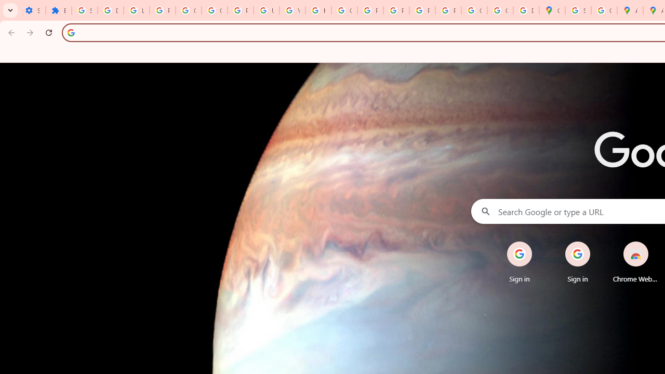  What do you see at coordinates (370, 10) in the screenshot?
I see `'Privacy Help Center - Policies Help'` at bounding box center [370, 10].